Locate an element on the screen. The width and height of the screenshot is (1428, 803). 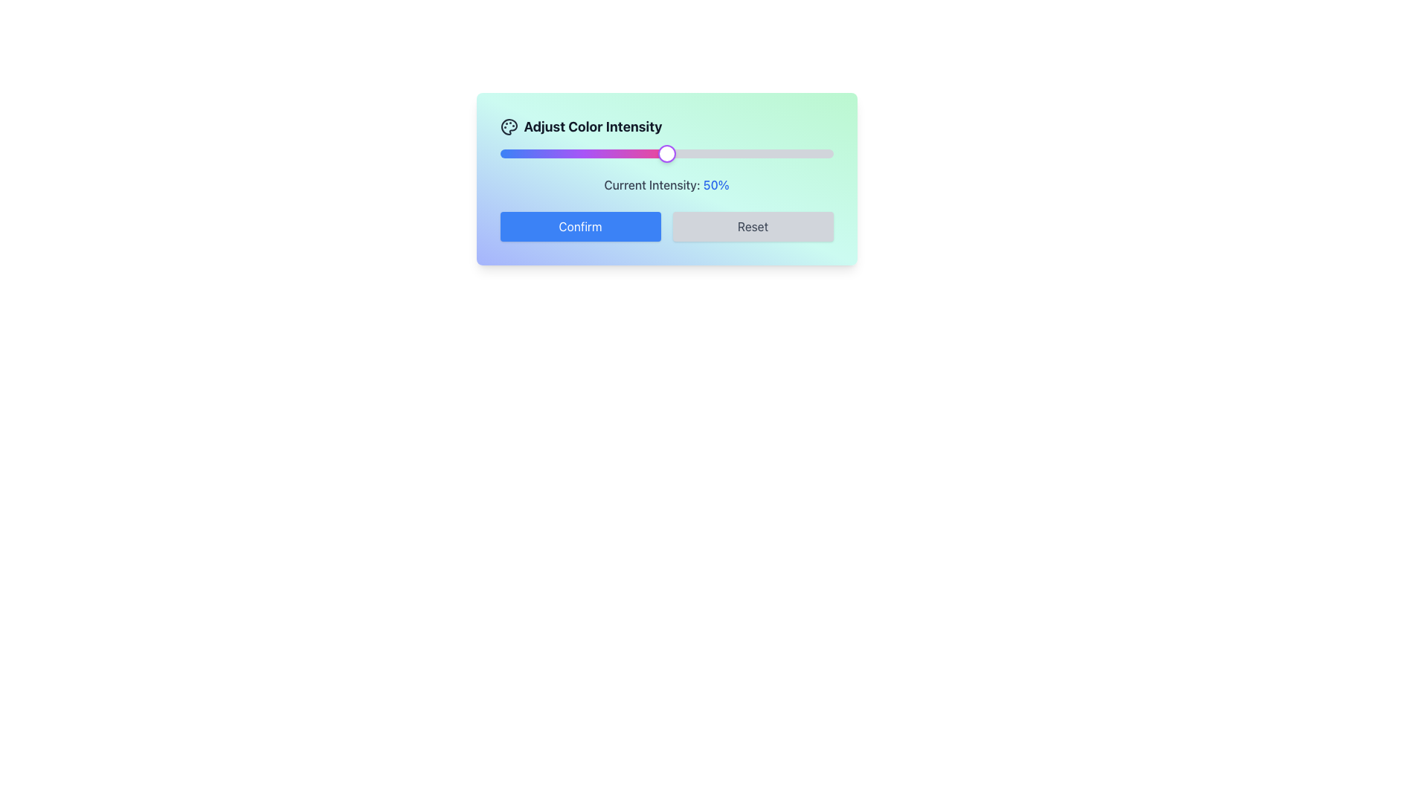
the color intensity is located at coordinates (750, 154).